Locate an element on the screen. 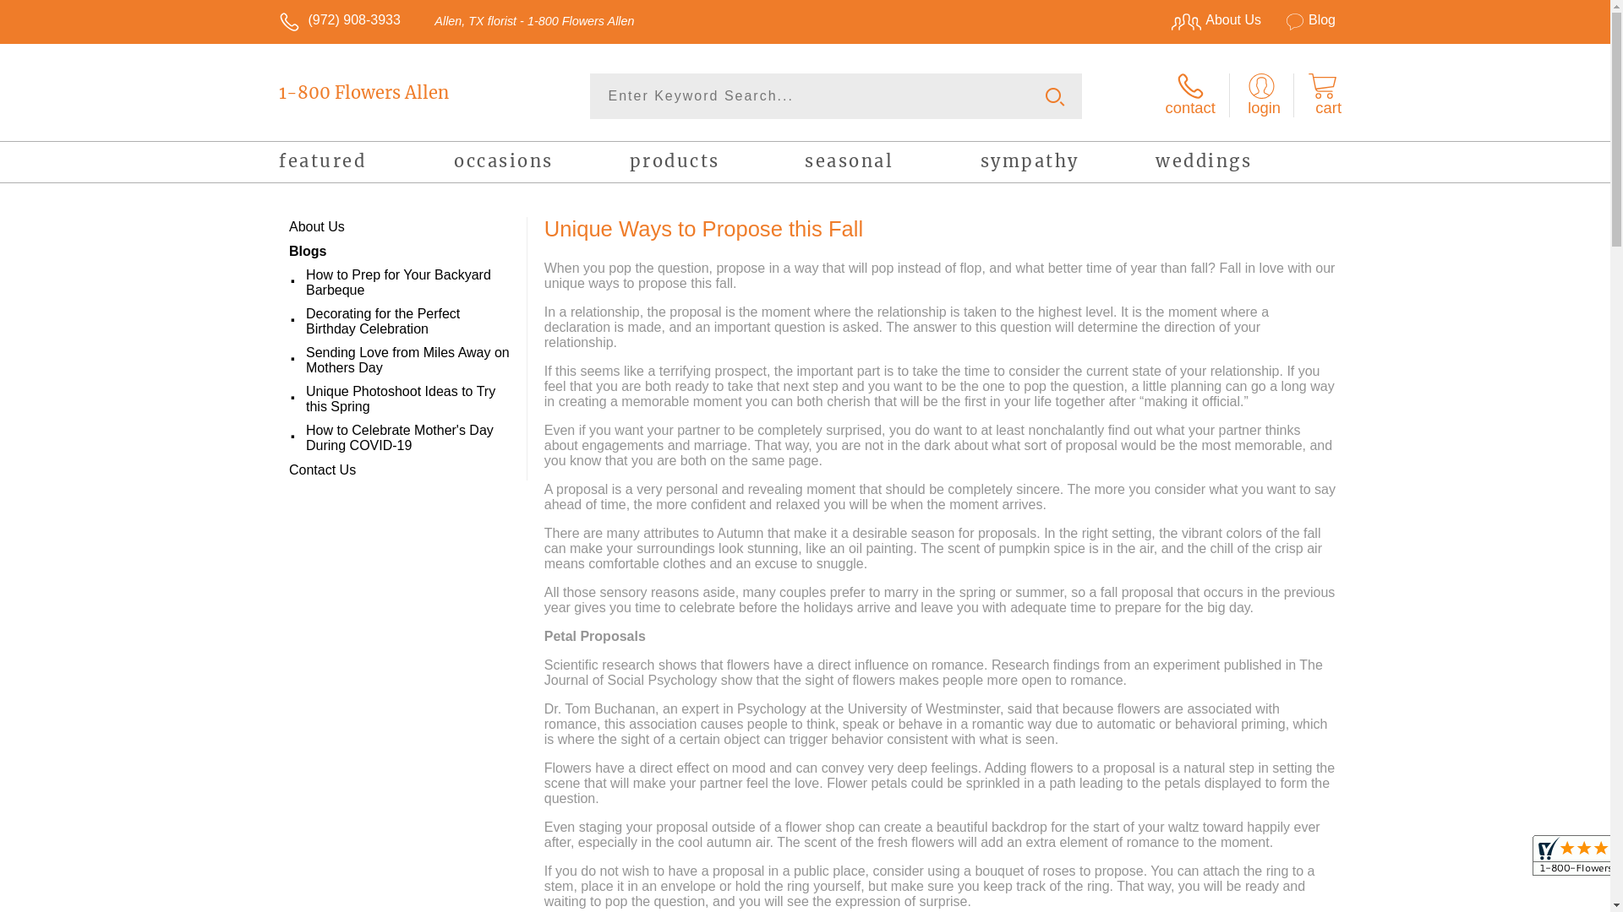 The width and height of the screenshot is (1623, 912). 'Decorating for the Perfect Birthday Celebration' is located at coordinates (409, 322).